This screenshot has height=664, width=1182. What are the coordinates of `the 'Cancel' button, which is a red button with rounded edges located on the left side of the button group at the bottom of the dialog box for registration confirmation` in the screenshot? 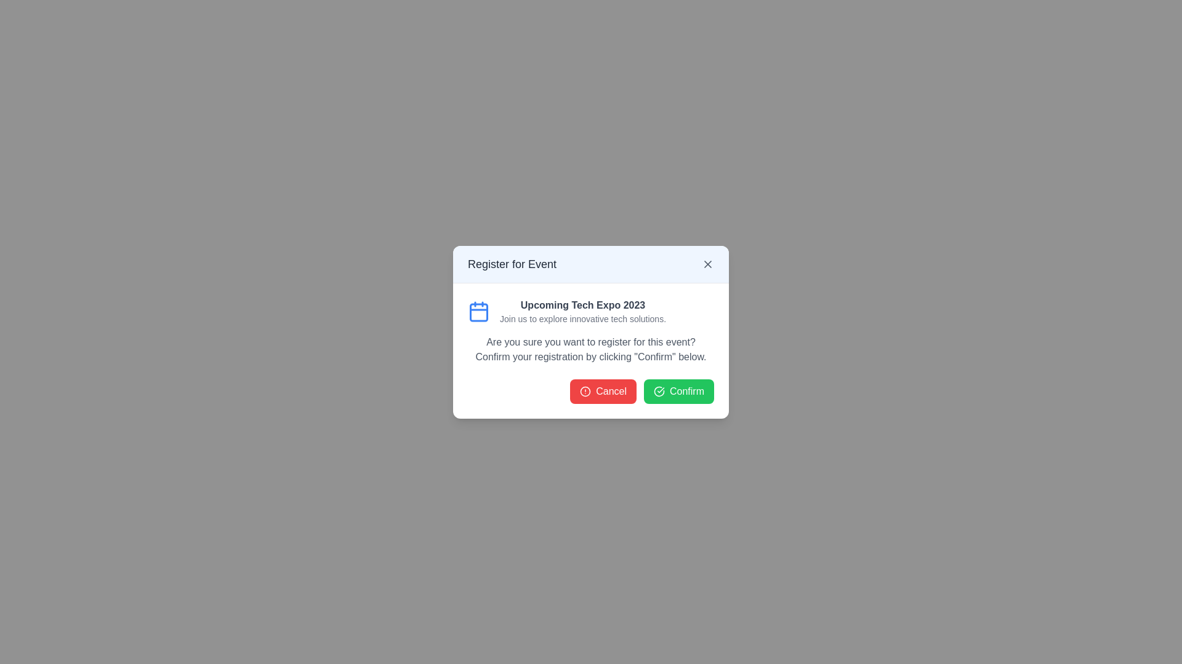 It's located at (591, 391).